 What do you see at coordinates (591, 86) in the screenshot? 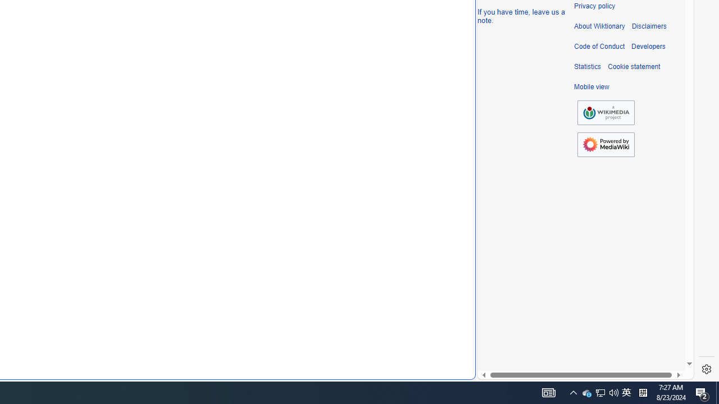
I see `'Mobile view'` at bounding box center [591, 86].